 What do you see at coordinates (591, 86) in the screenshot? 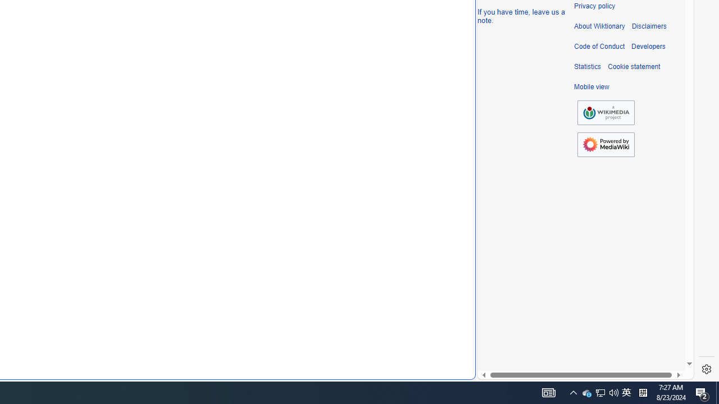
I see `'Mobile view'` at bounding box center [591, 86].